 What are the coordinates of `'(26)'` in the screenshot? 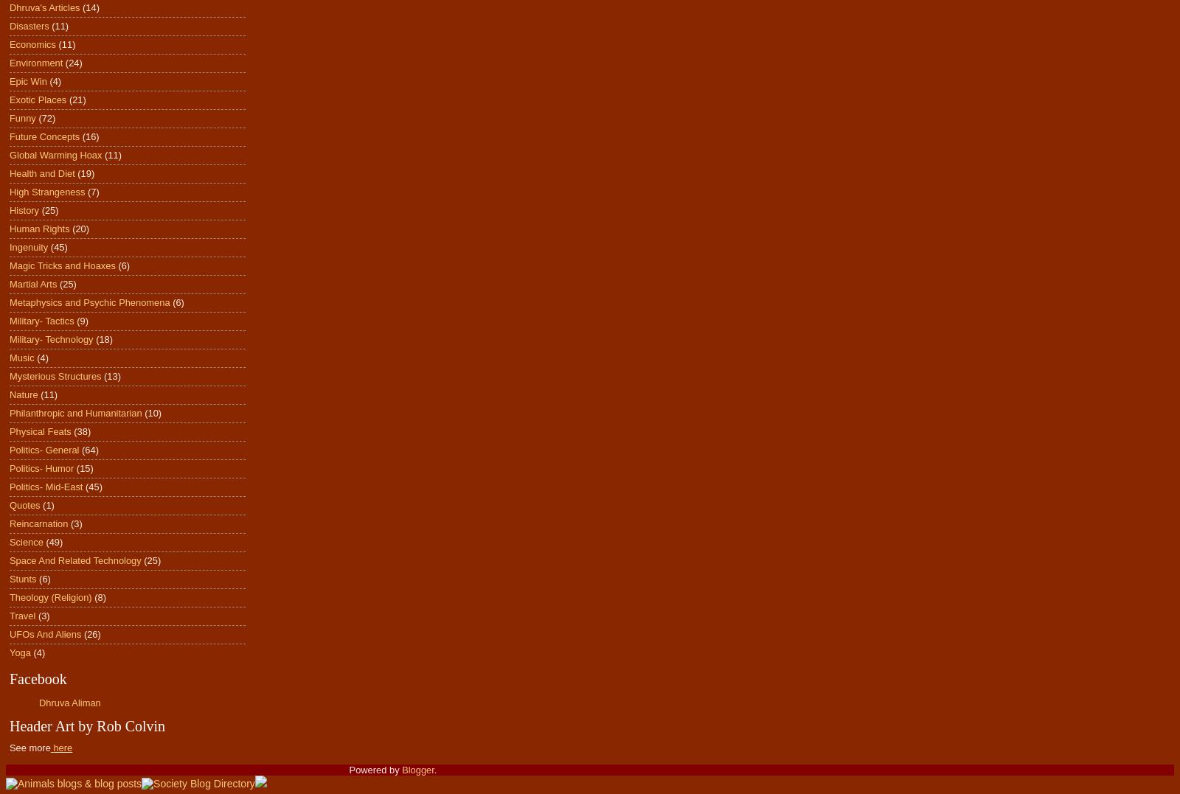 It's located at (91, 633).